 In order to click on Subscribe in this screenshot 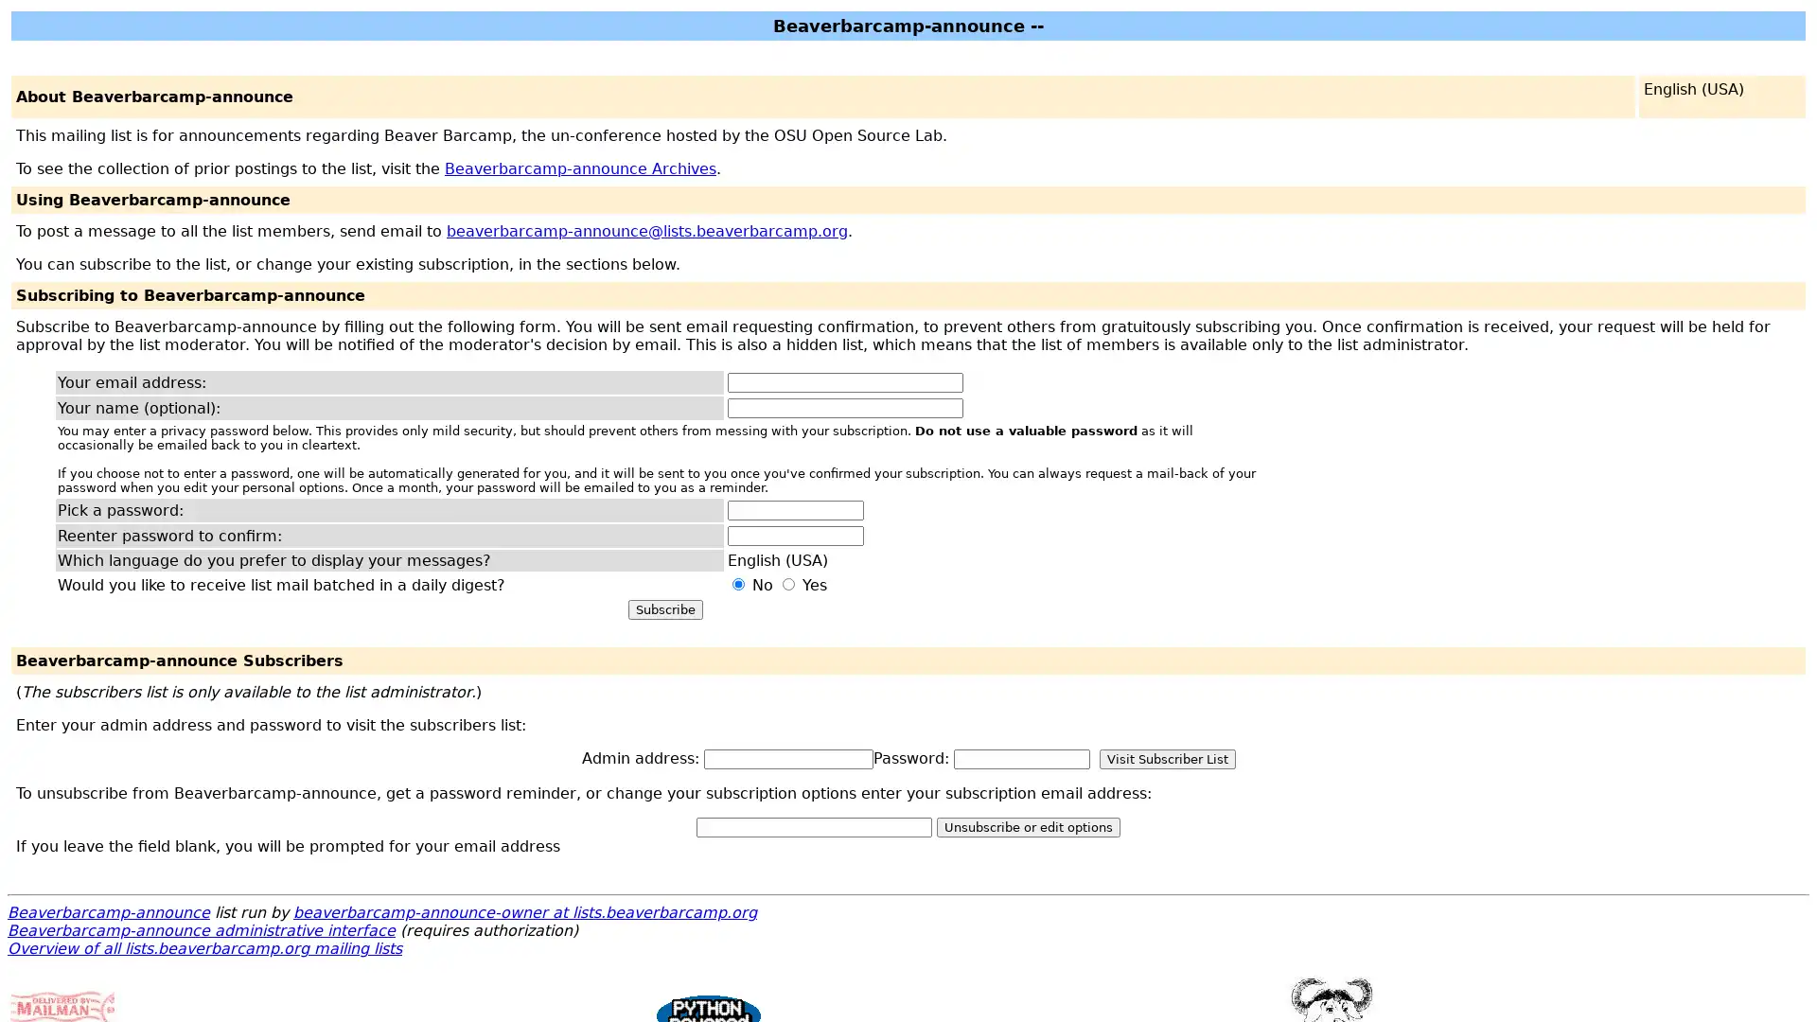, I will do `click(664, 609)`.